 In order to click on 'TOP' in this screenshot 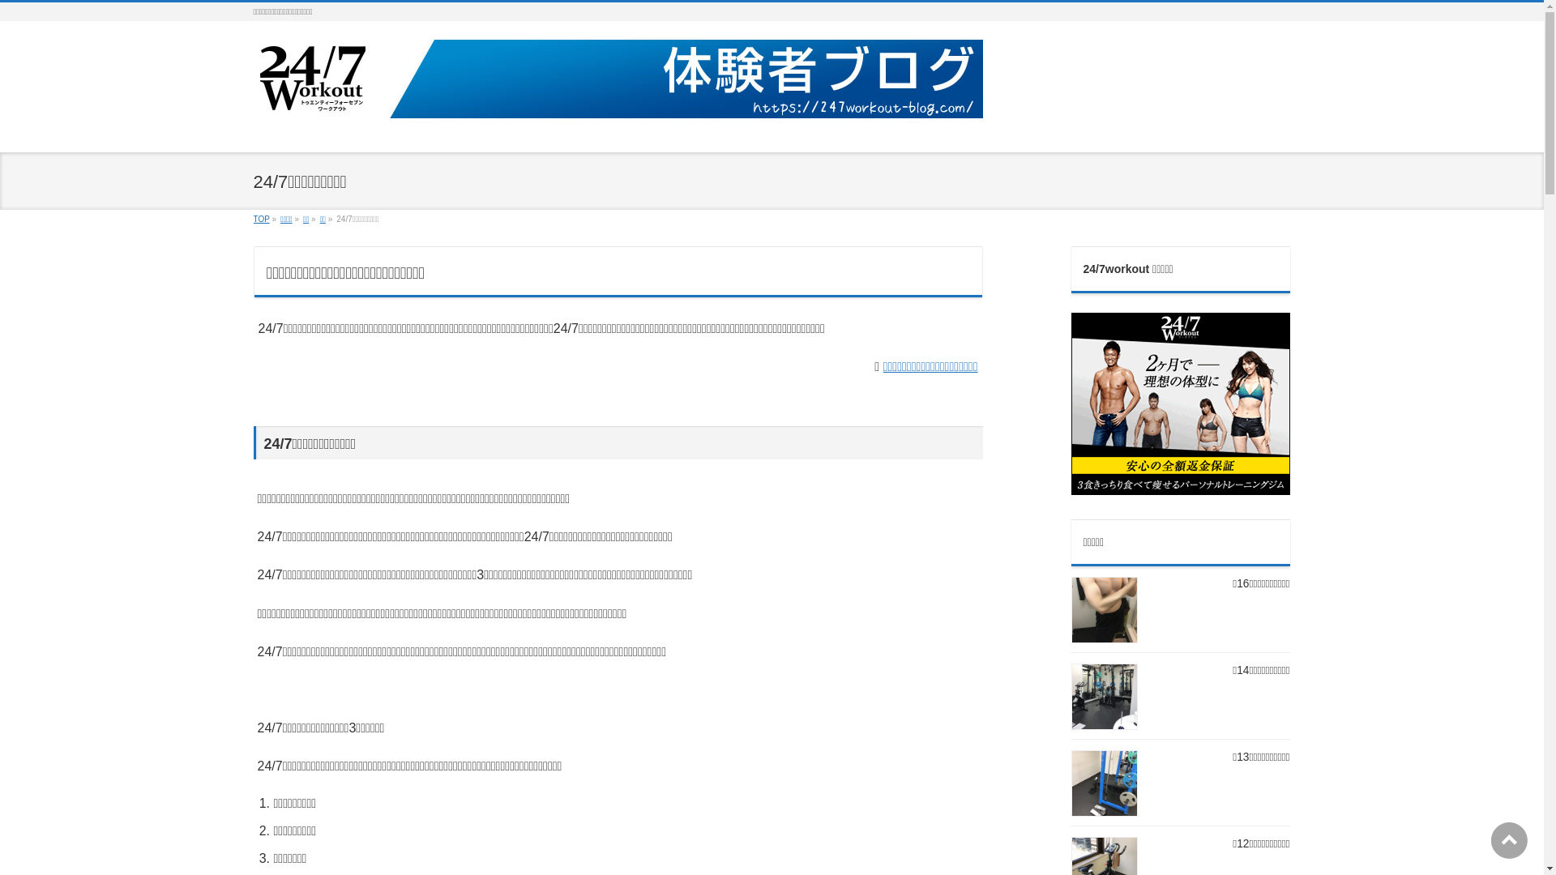, I will do `click(260, 219)`.